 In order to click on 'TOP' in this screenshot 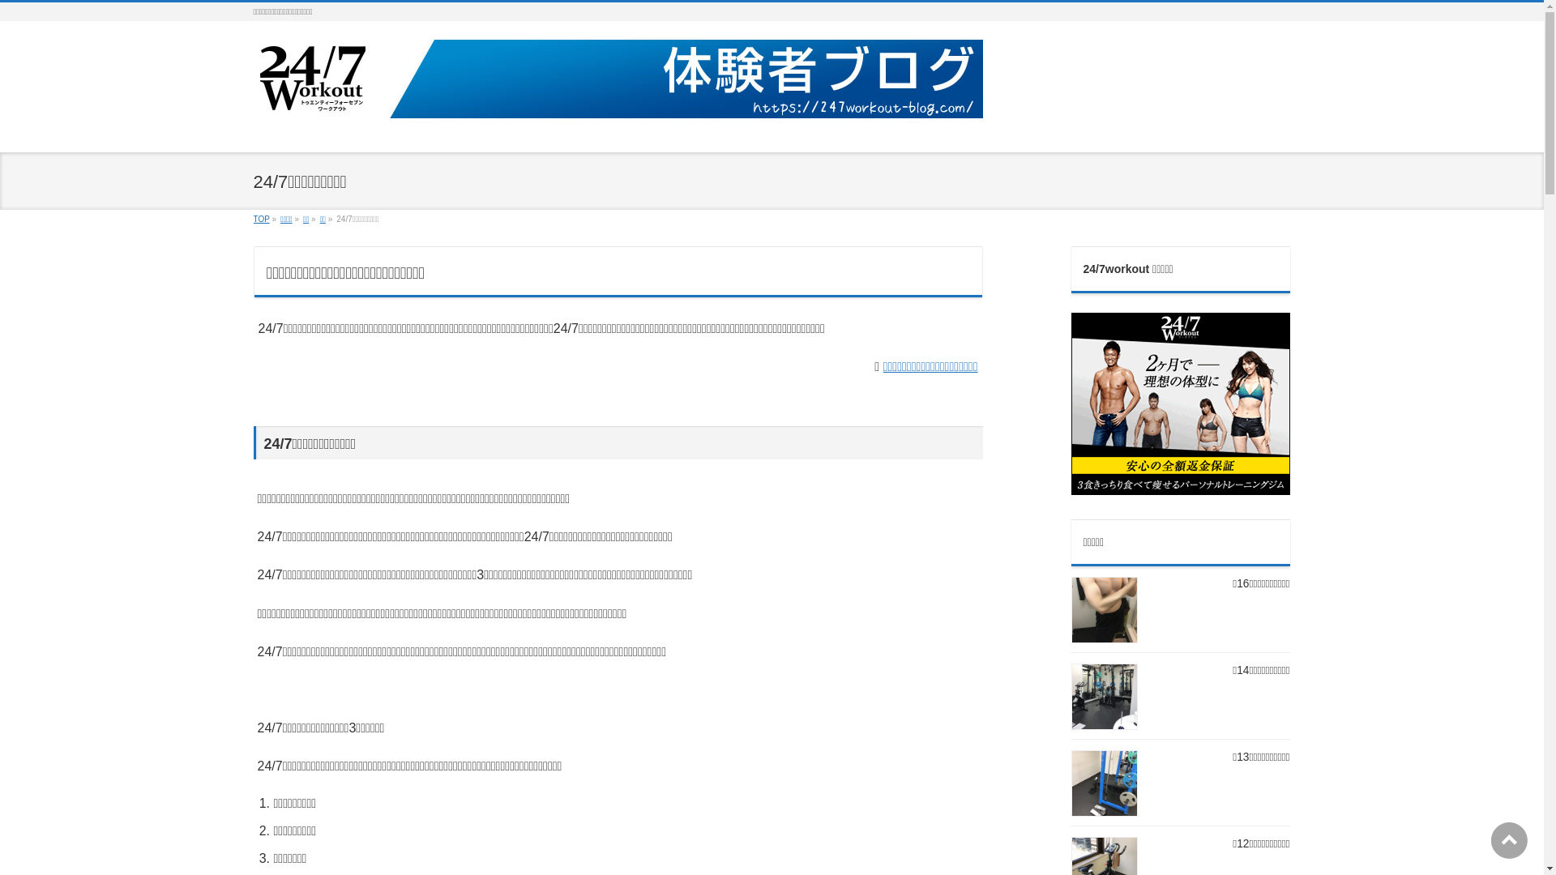, I will do `click(260, 219)`.